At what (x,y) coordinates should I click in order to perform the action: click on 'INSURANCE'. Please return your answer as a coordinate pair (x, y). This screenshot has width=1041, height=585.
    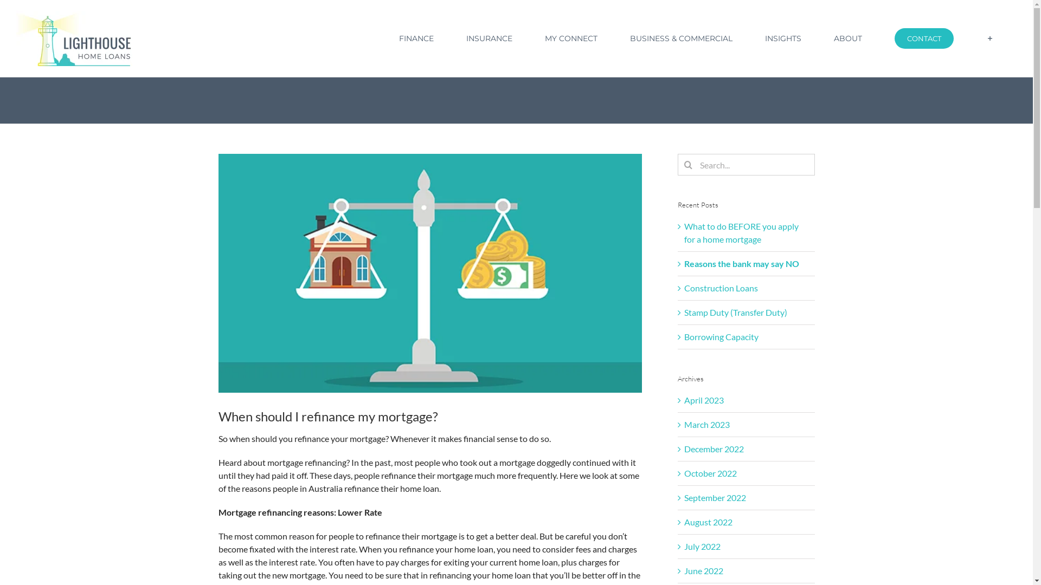
    Looking at the image, I should click on (489, 37).